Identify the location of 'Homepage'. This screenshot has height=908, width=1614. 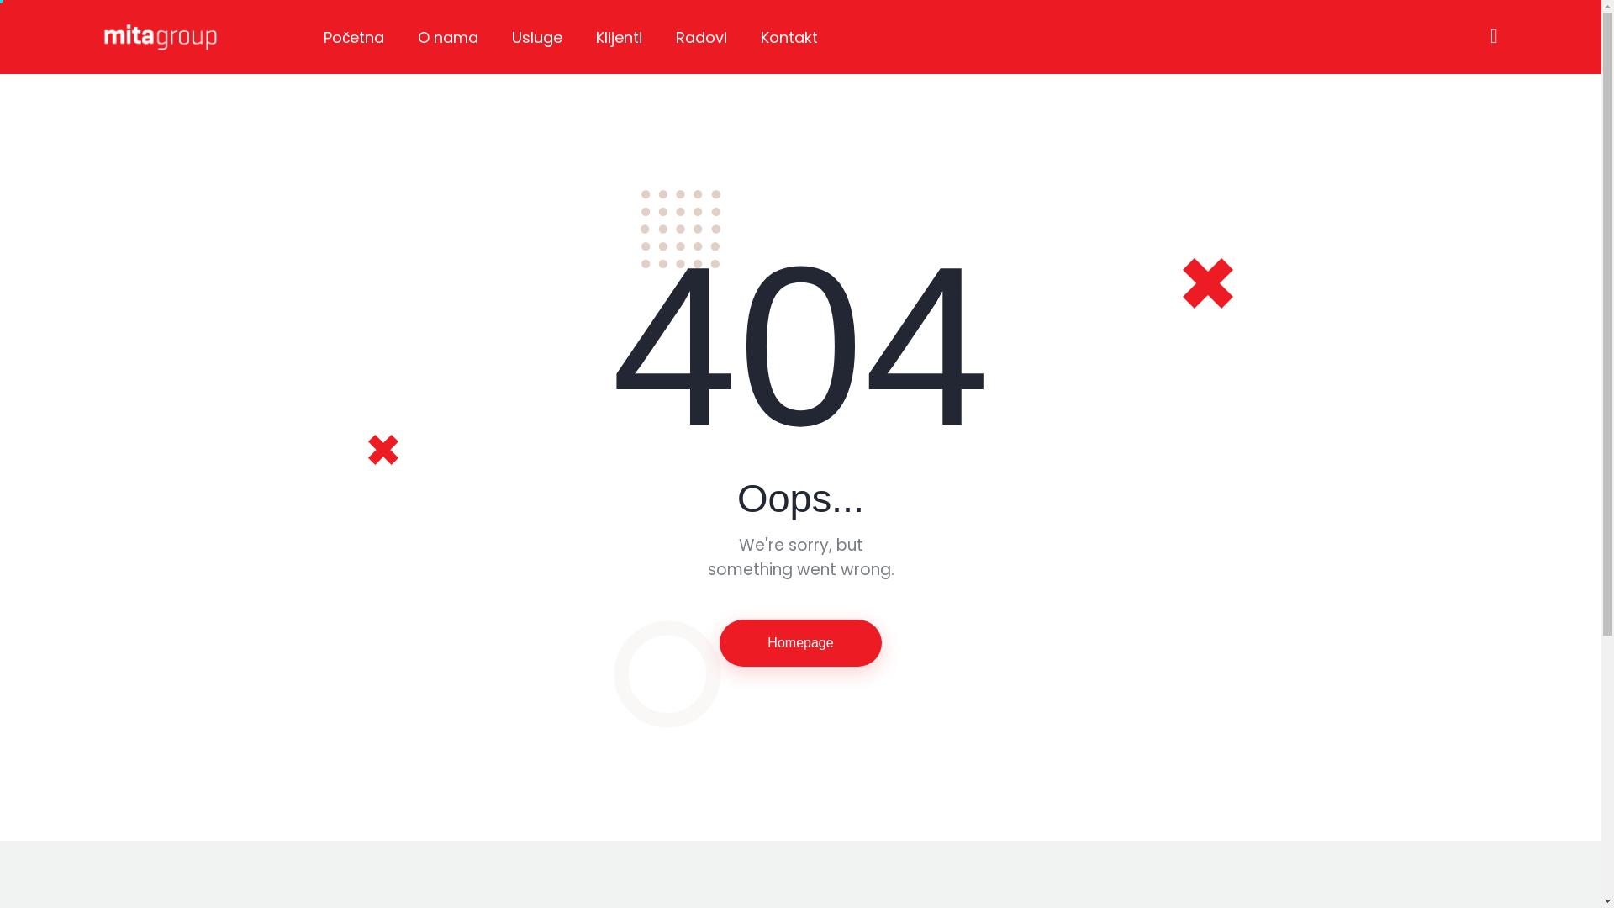
(719, 642).